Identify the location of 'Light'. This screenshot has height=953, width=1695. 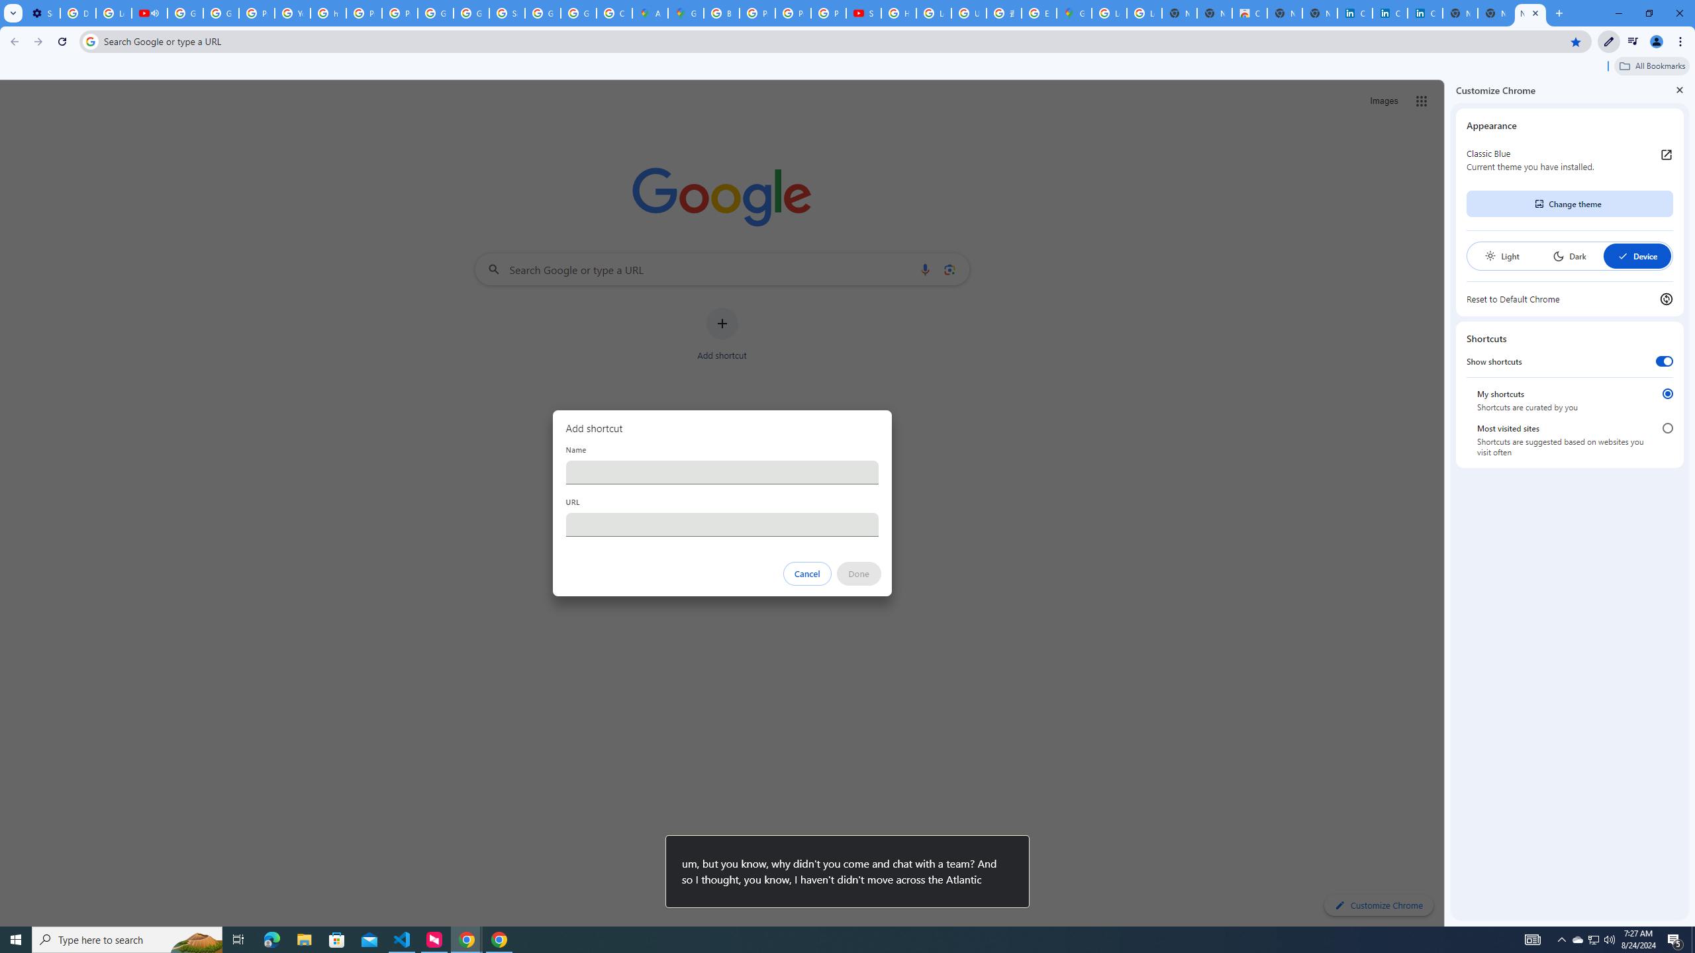
(1501, 255).